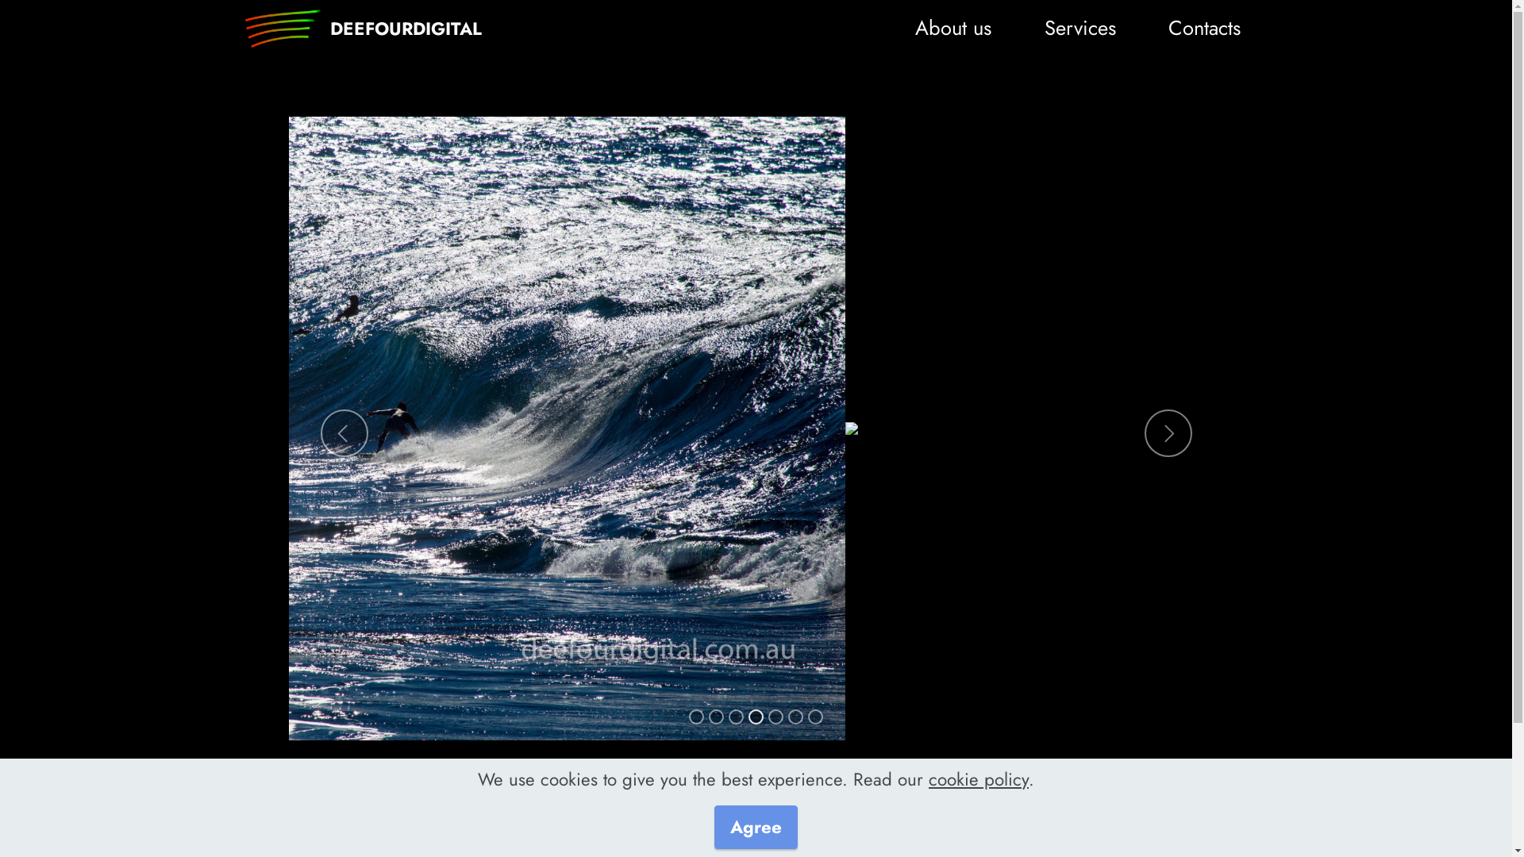 The width and height of the screenshot is (1524, 857). Describe the element at coordinates (929, 778) in the screenshot. I see `'cookie policy'` at that location.